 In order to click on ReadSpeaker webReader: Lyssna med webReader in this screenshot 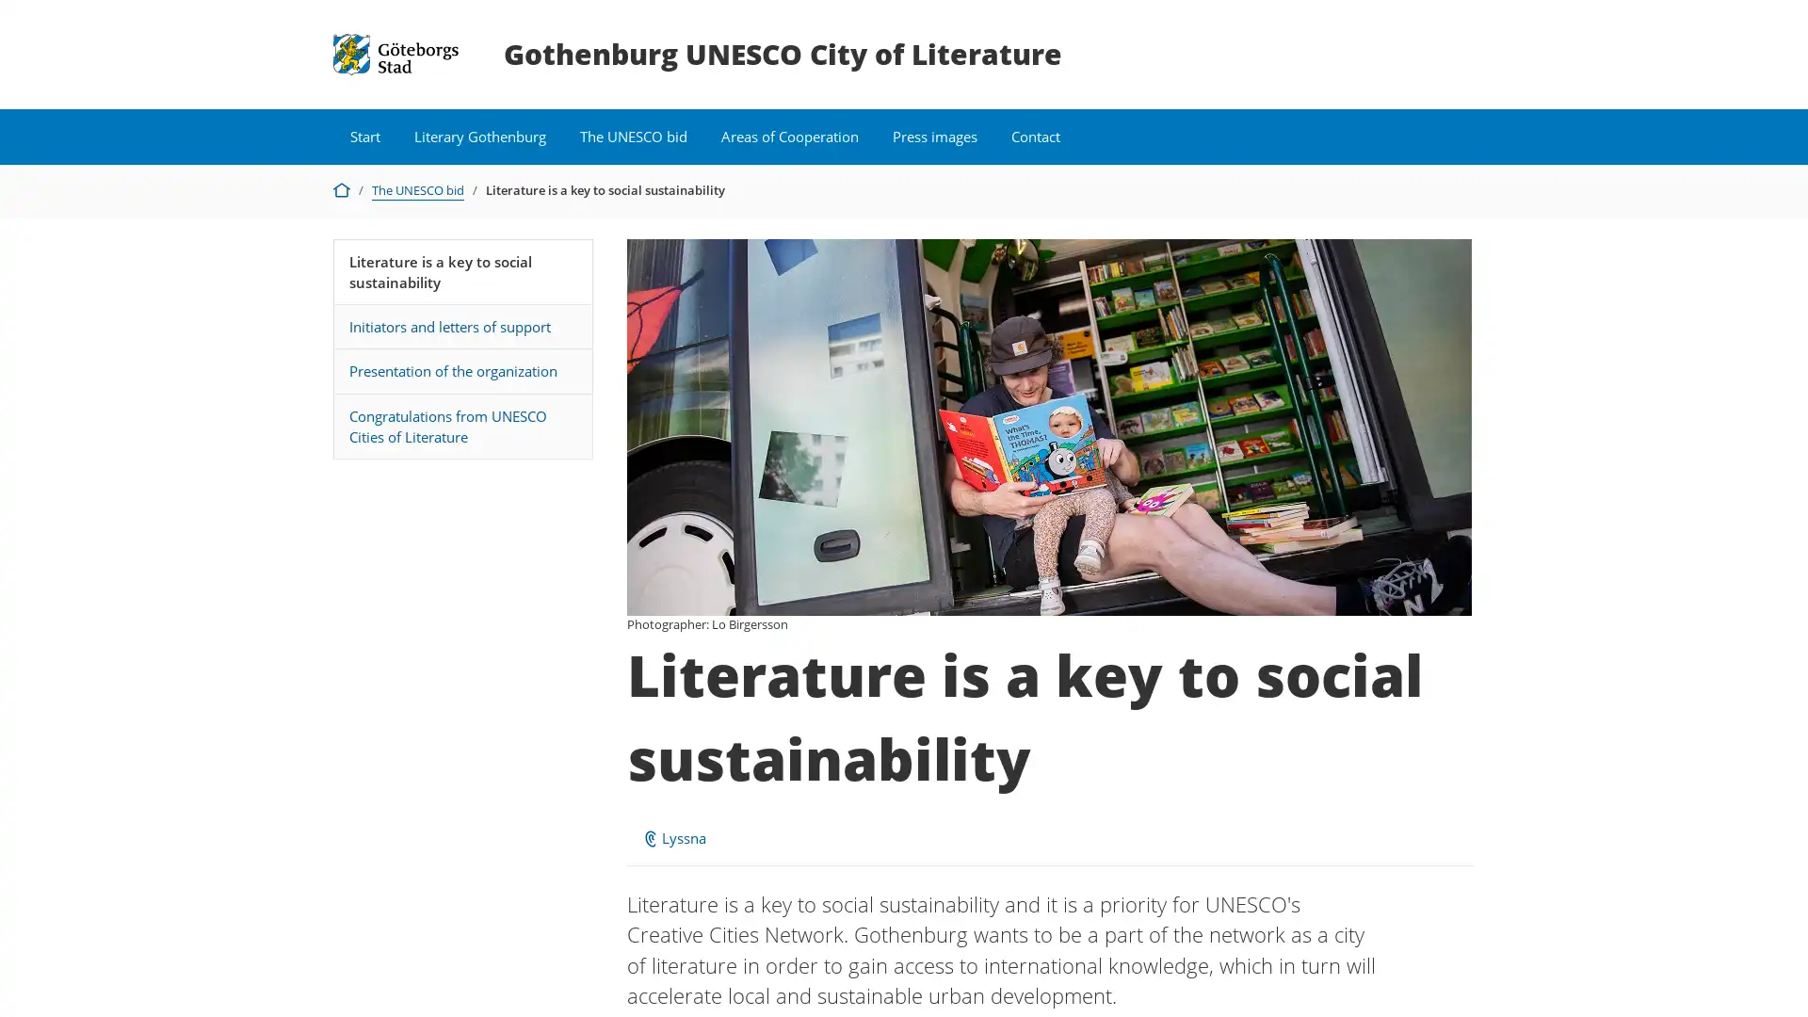, I will do `click(673, 837)`.